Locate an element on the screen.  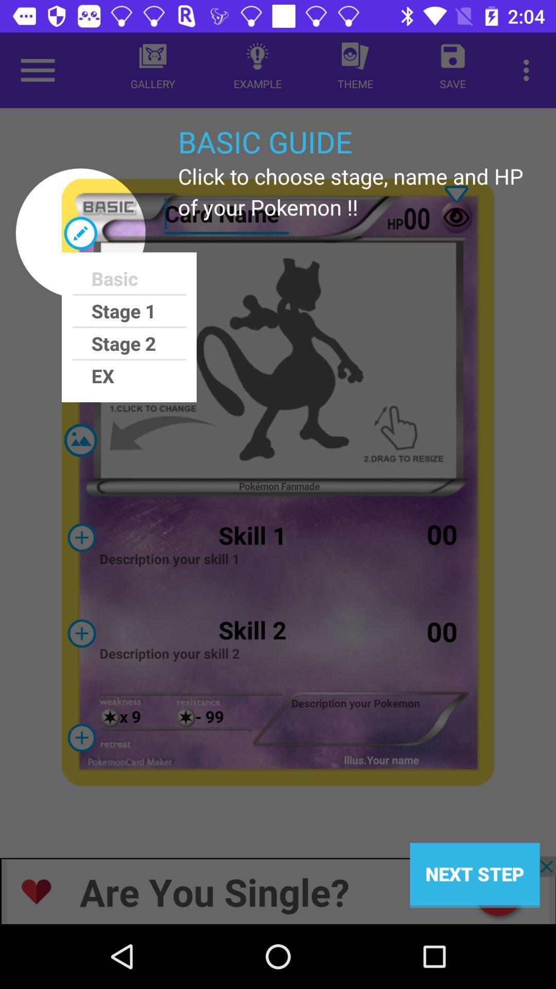
the add icon is located at coordinates (81, 537).